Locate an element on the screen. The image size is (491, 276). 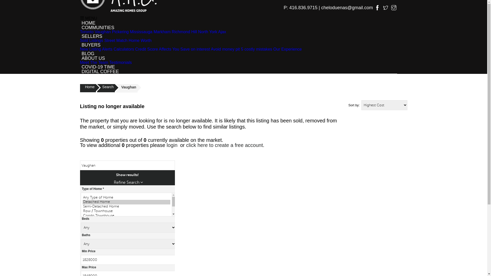
'Search' is located at coordinates (106, 88).